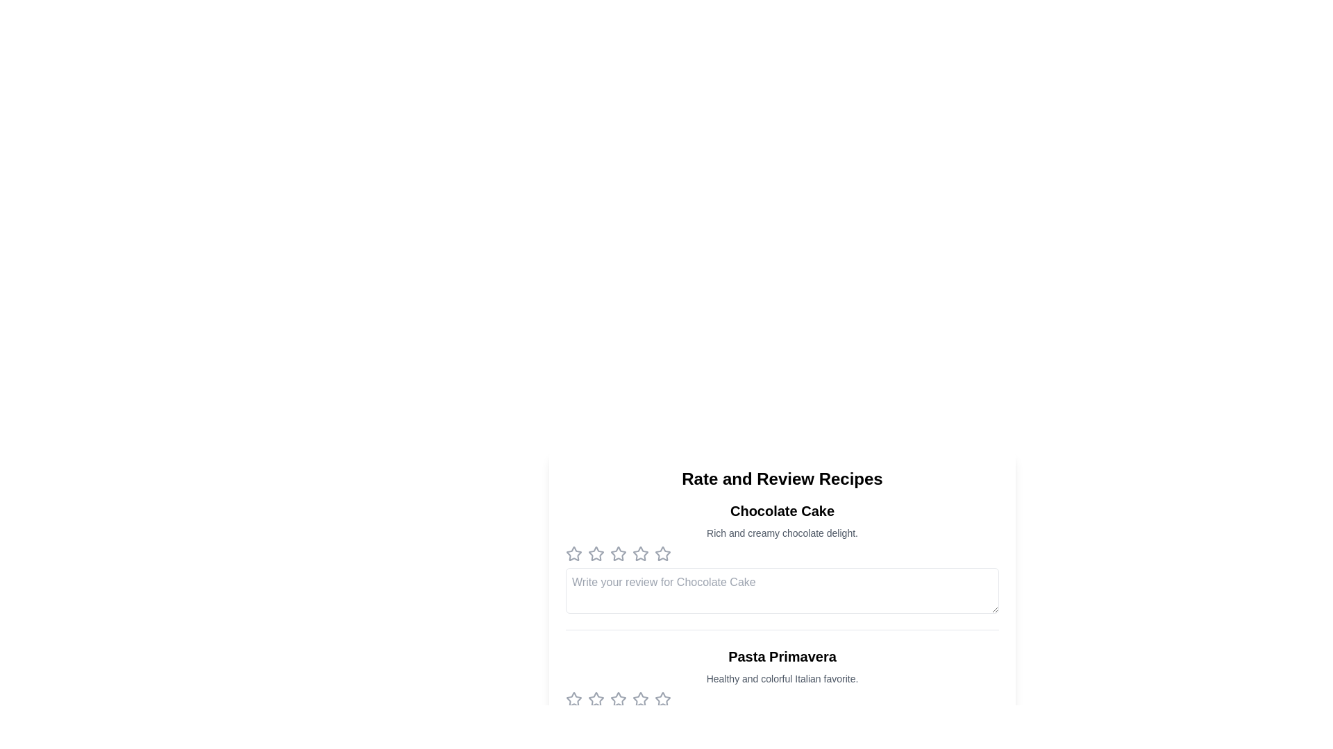  Describe the element at coordinates (639, 553) in the screenshot. I see `the fourth star from the left under the 'Chocolate Cake' heading` at that location.